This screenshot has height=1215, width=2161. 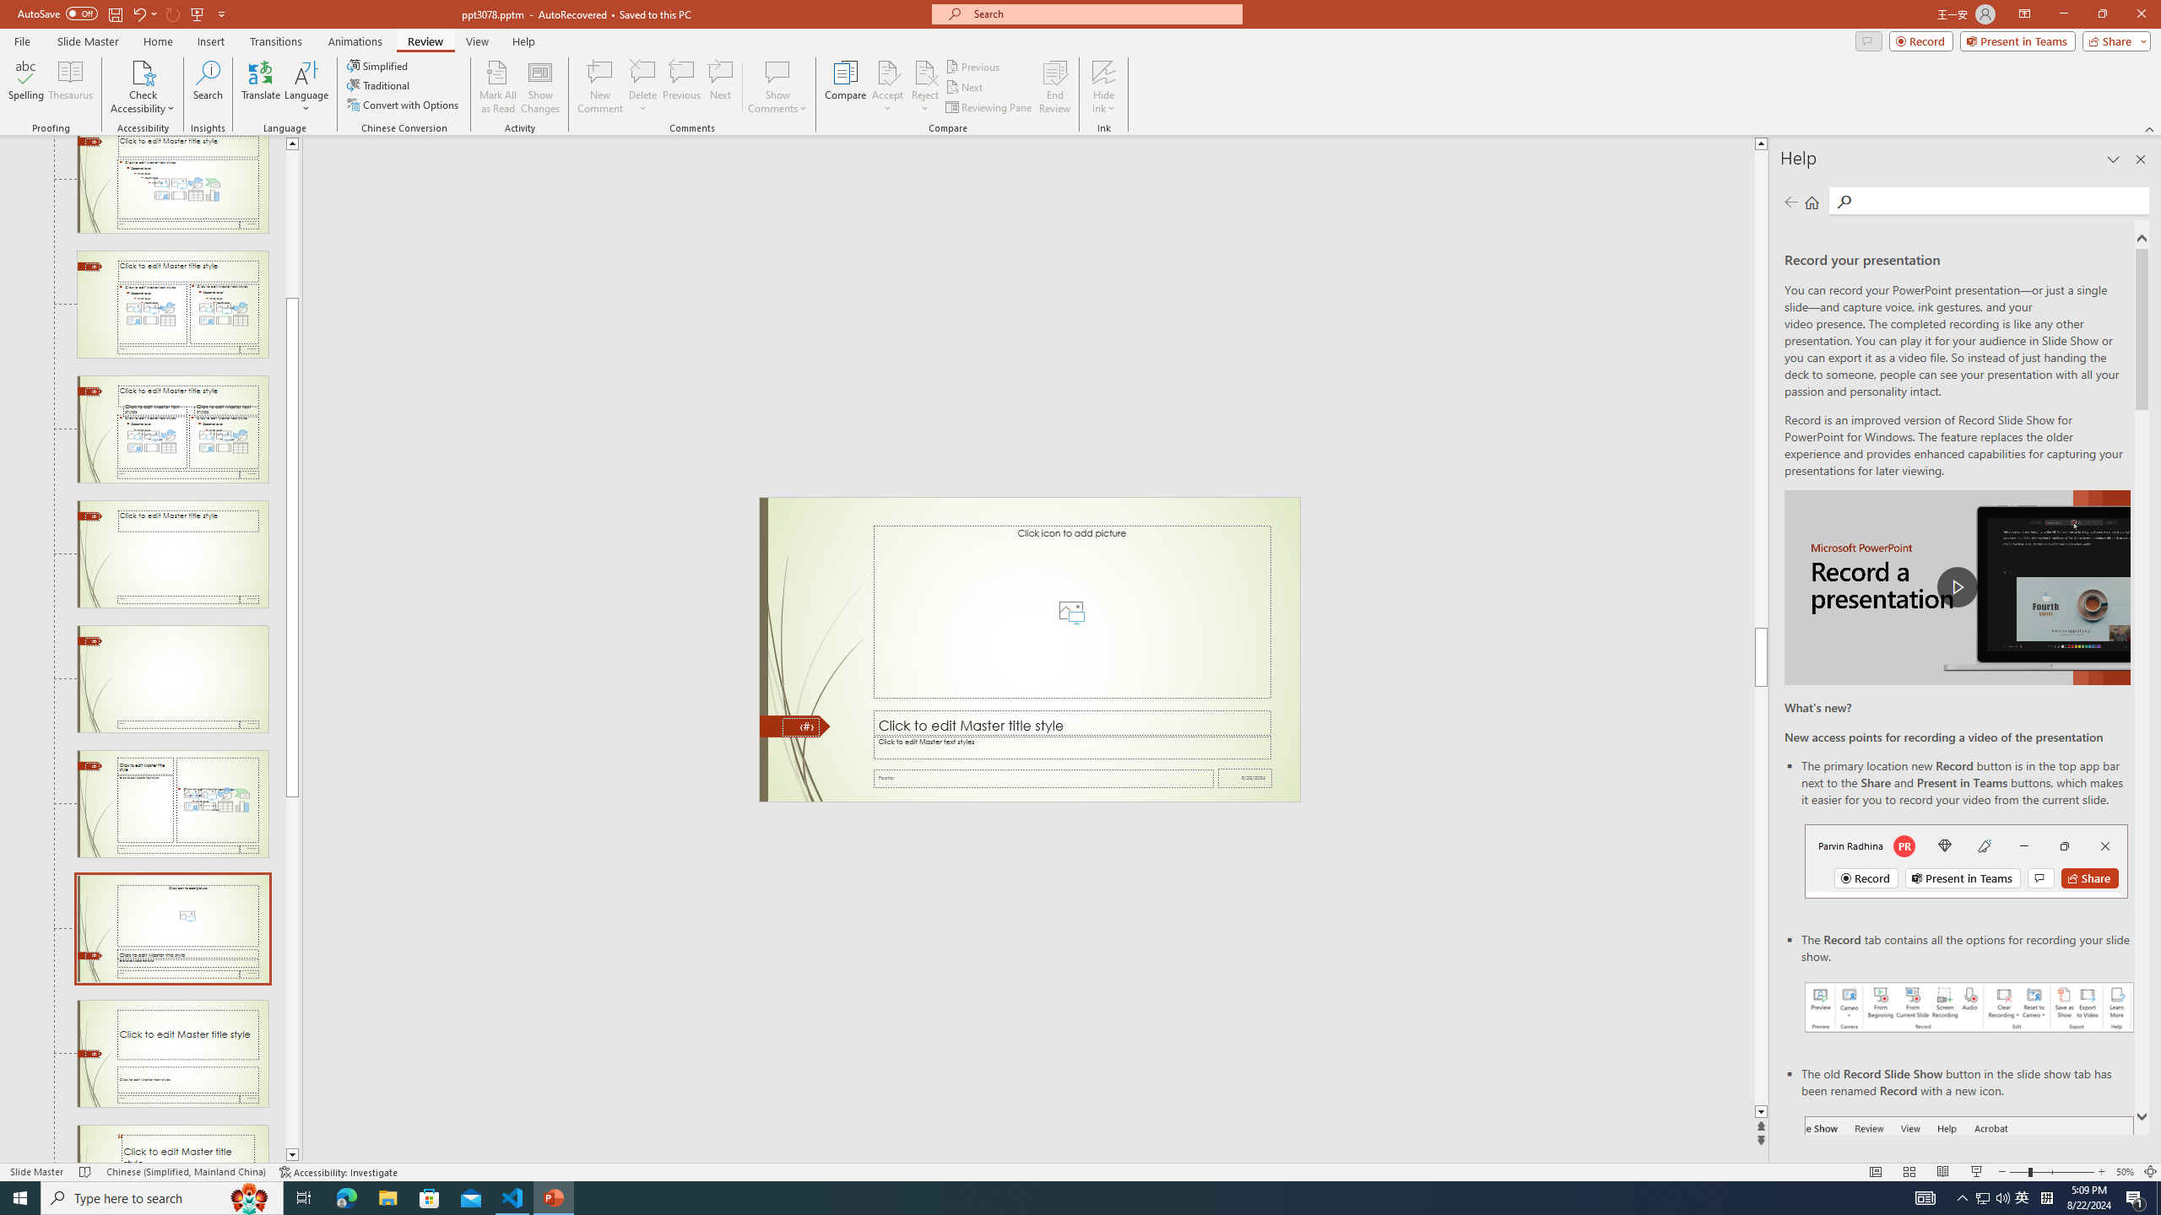 I want to click on 'Footer', so click(x=1043, y=778).